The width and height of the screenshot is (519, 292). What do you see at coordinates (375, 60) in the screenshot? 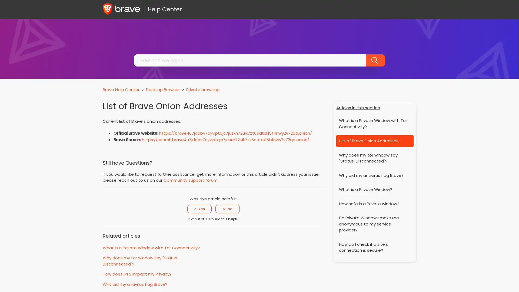
I see `Search` at bounding box center [375, 60].